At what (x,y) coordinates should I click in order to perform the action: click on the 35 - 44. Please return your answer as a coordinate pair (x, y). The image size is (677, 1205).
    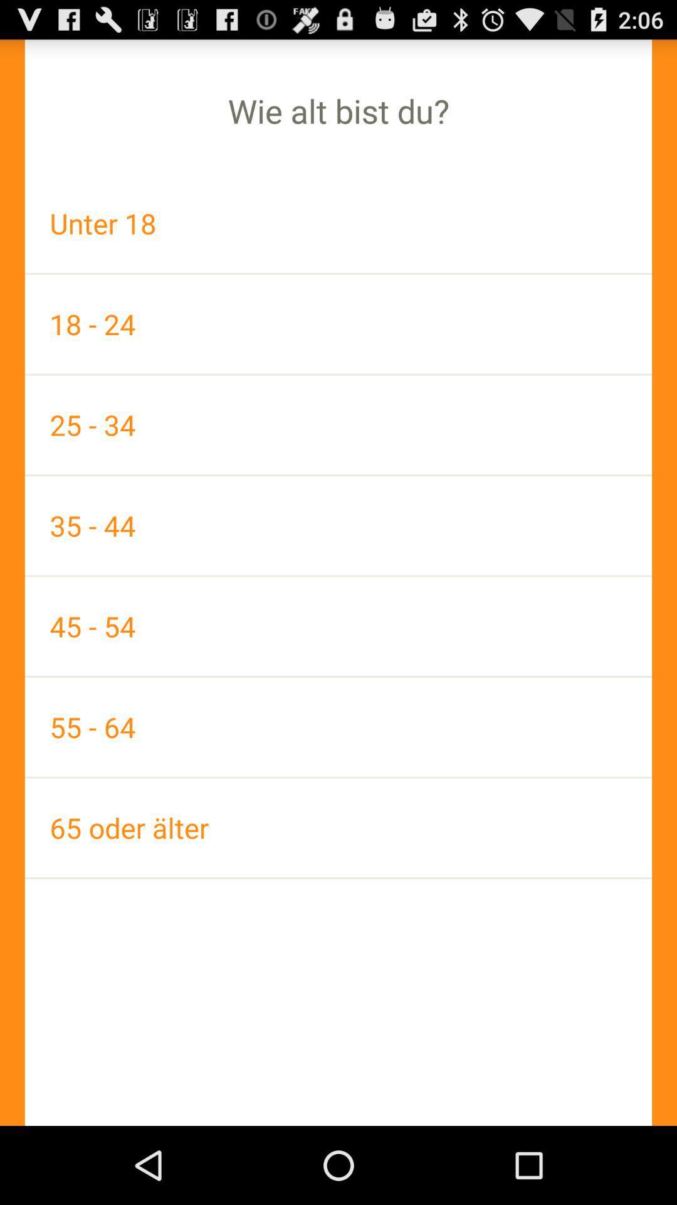
    Looking at the image, I should click on (338, 525).